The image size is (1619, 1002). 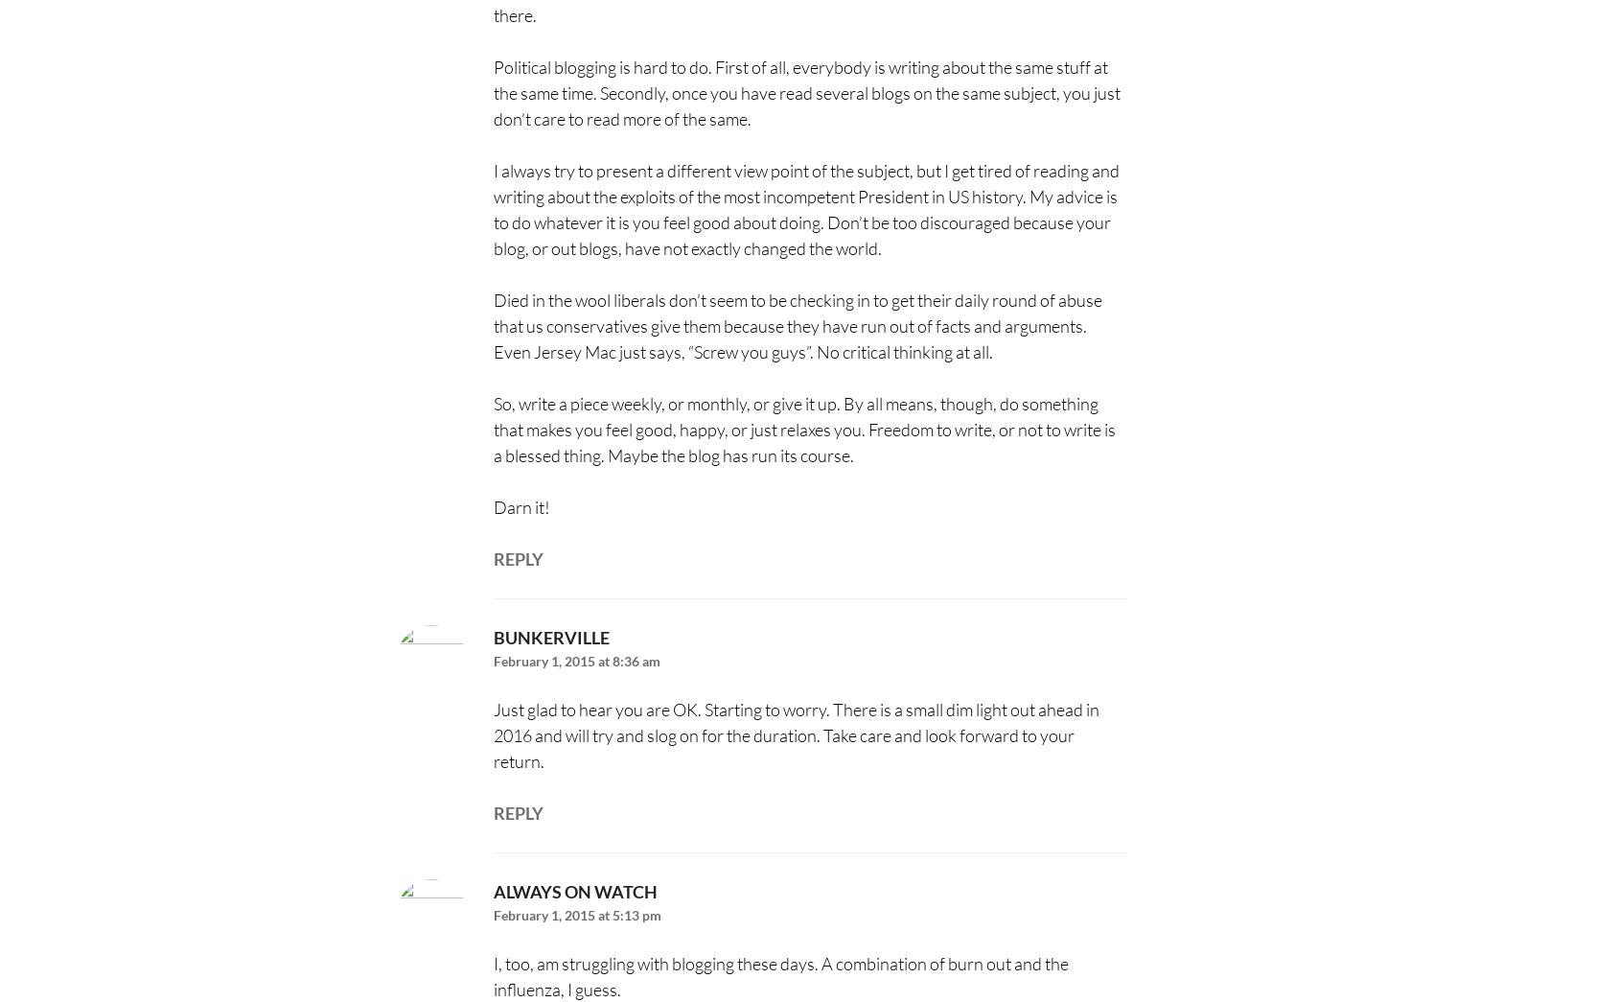 I want to click on 'So, write a piece weekly, or monthly, or give it up. By all means, though, do something that makes you feel good, happy, or just relaxes you. Freedom to write, or not to write is a blessed thing. Maybe the blog has run its course.', so click(x=802, y=429).